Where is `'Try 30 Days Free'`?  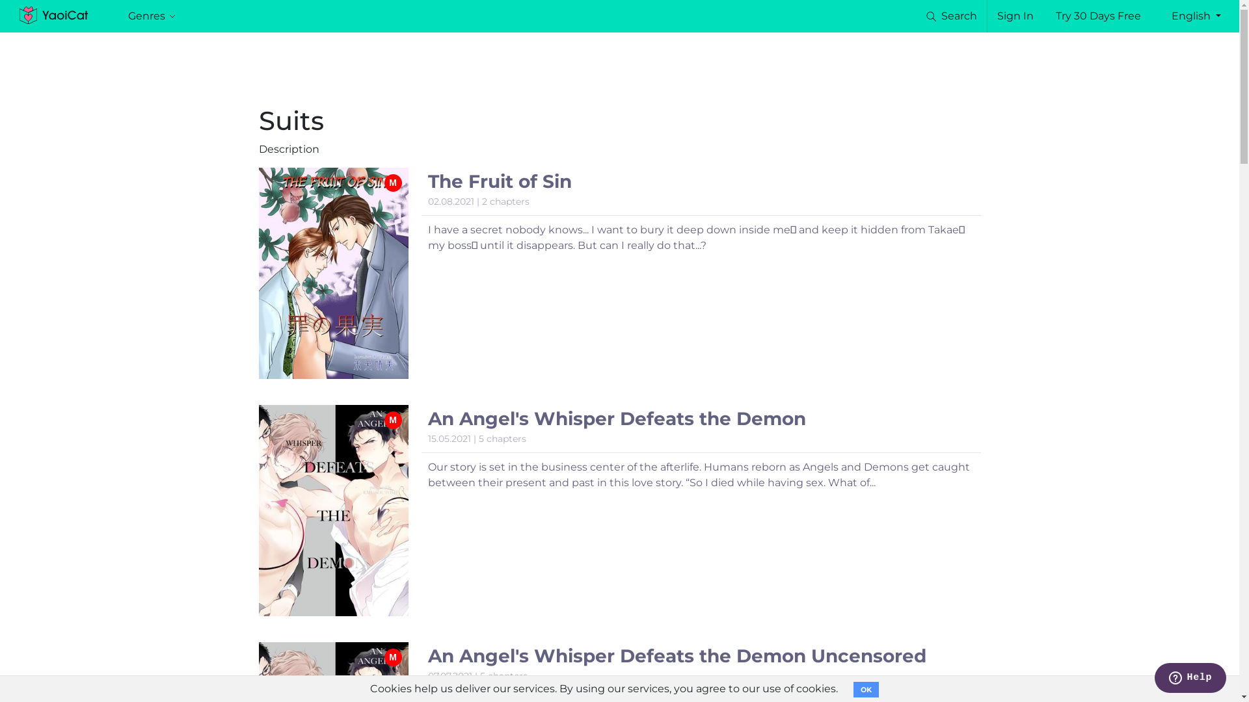 'Try 30 Days Free' is located at coordinates (1097, 16).